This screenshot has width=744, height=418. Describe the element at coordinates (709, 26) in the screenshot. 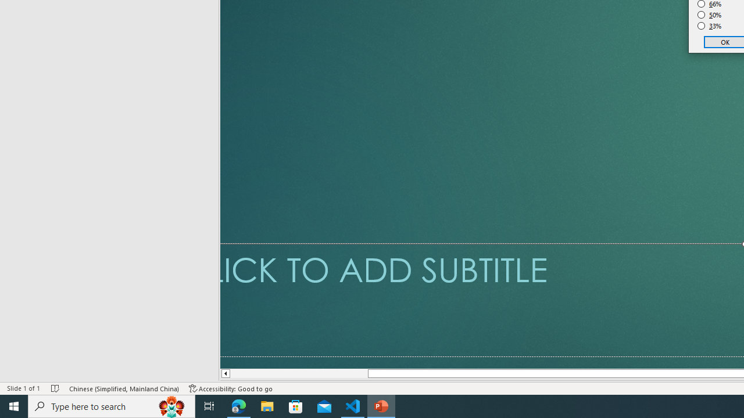

I see `'33%'` at that location.